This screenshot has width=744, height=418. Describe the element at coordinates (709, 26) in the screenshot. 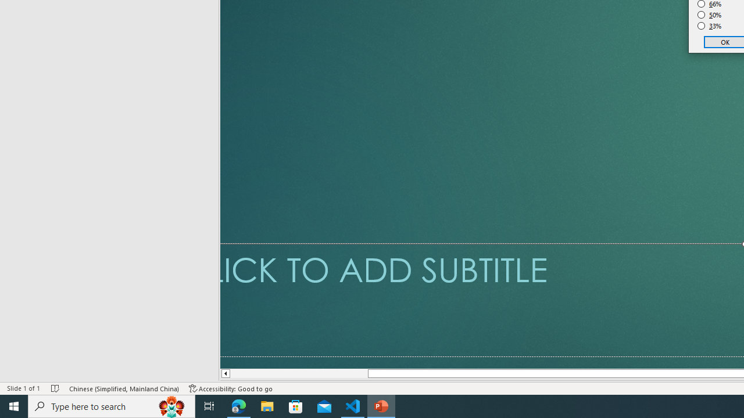

I see `'33%'` at that location.